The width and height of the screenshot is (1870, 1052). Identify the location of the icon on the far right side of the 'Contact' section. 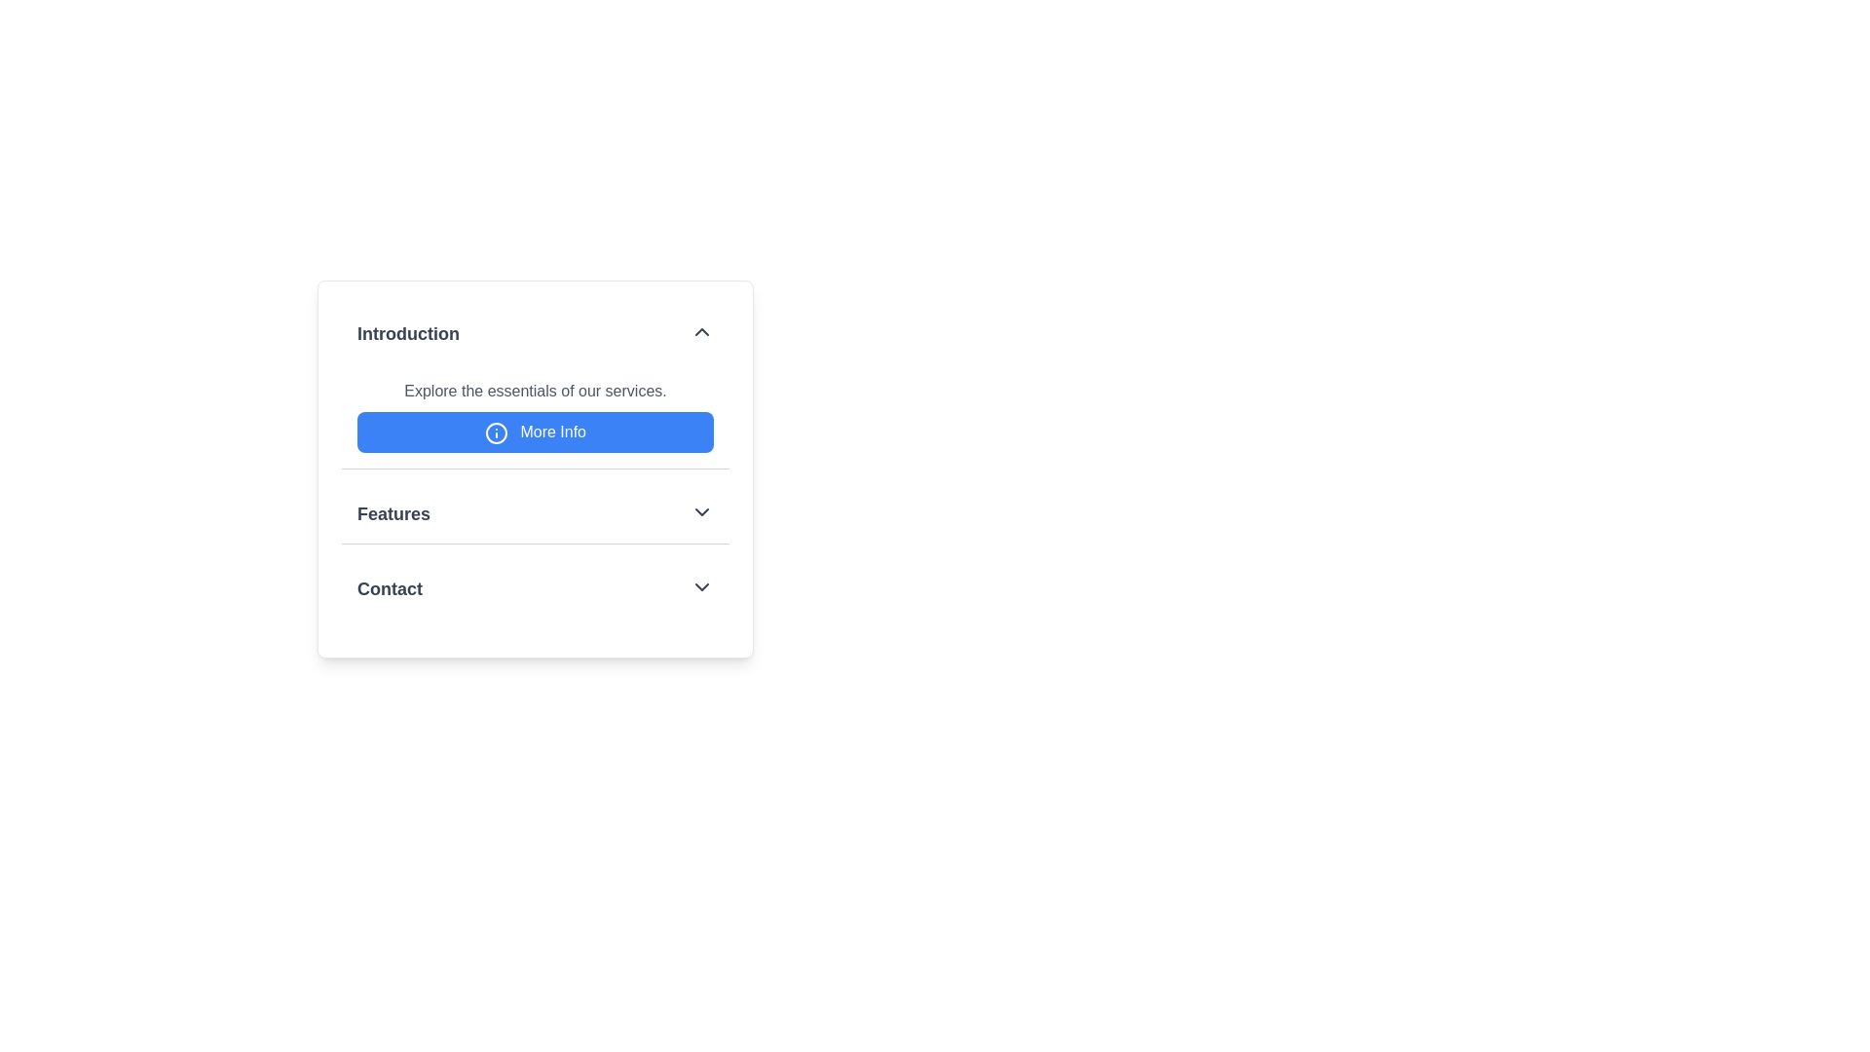
(701, 585).